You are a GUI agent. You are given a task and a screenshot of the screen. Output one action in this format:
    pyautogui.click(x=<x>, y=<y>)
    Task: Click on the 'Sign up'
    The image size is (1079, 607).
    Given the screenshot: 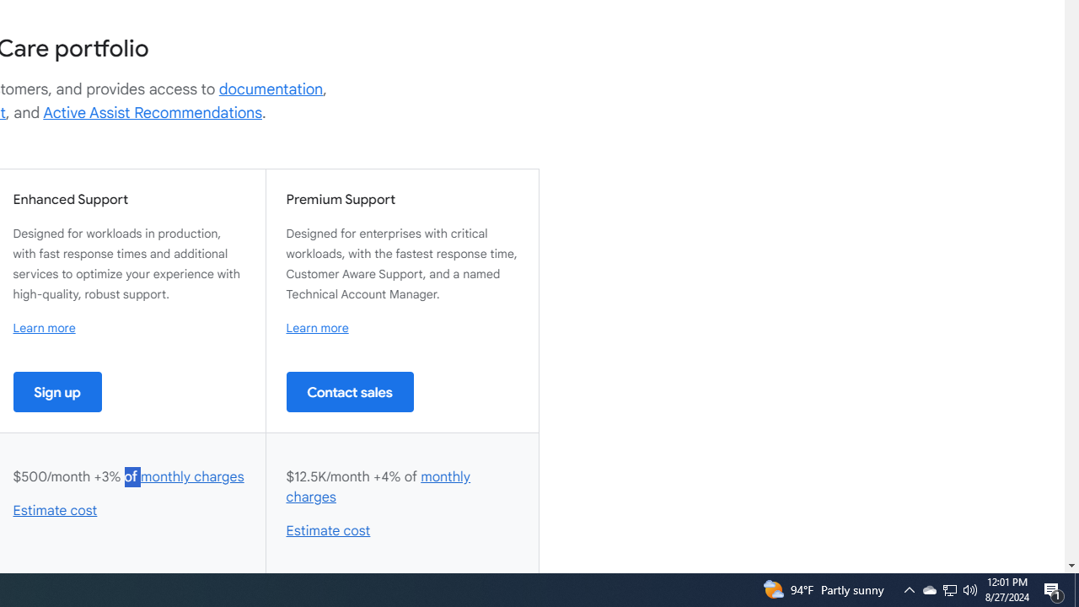 What is the action you would take?
    pyautogui.click(x=57, y=391)
    